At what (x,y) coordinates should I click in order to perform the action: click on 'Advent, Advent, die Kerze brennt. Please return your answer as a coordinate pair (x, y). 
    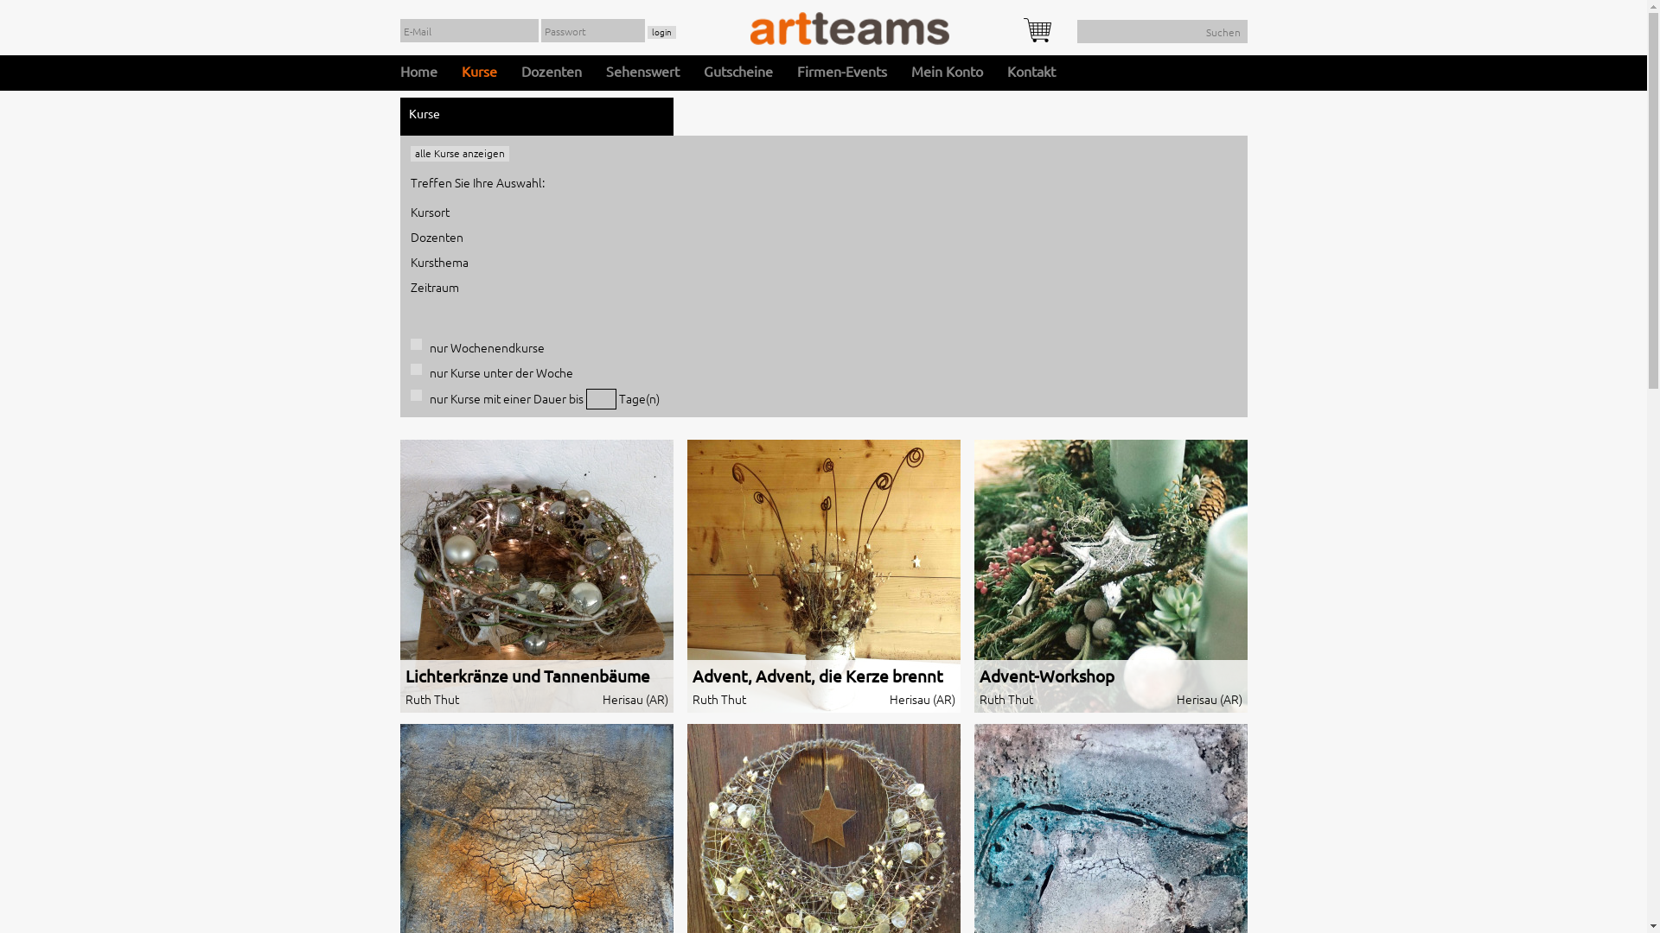
    Looking at the image, I should click on (821, 576).